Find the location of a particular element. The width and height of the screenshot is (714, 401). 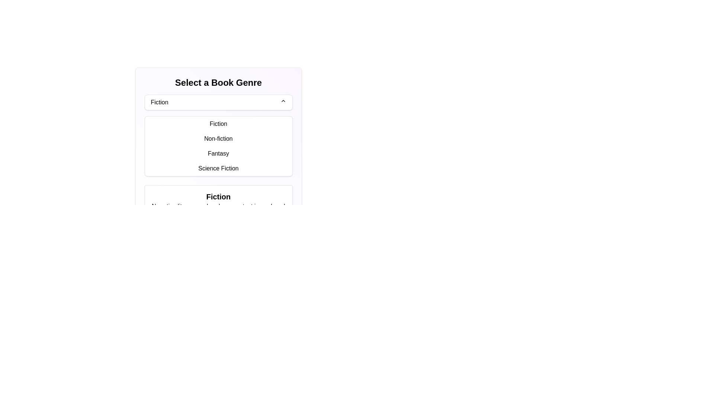

the dropdown button for selecting a book genre located below the title 'Select a Book Genre' is located at coordinates (218, 102).